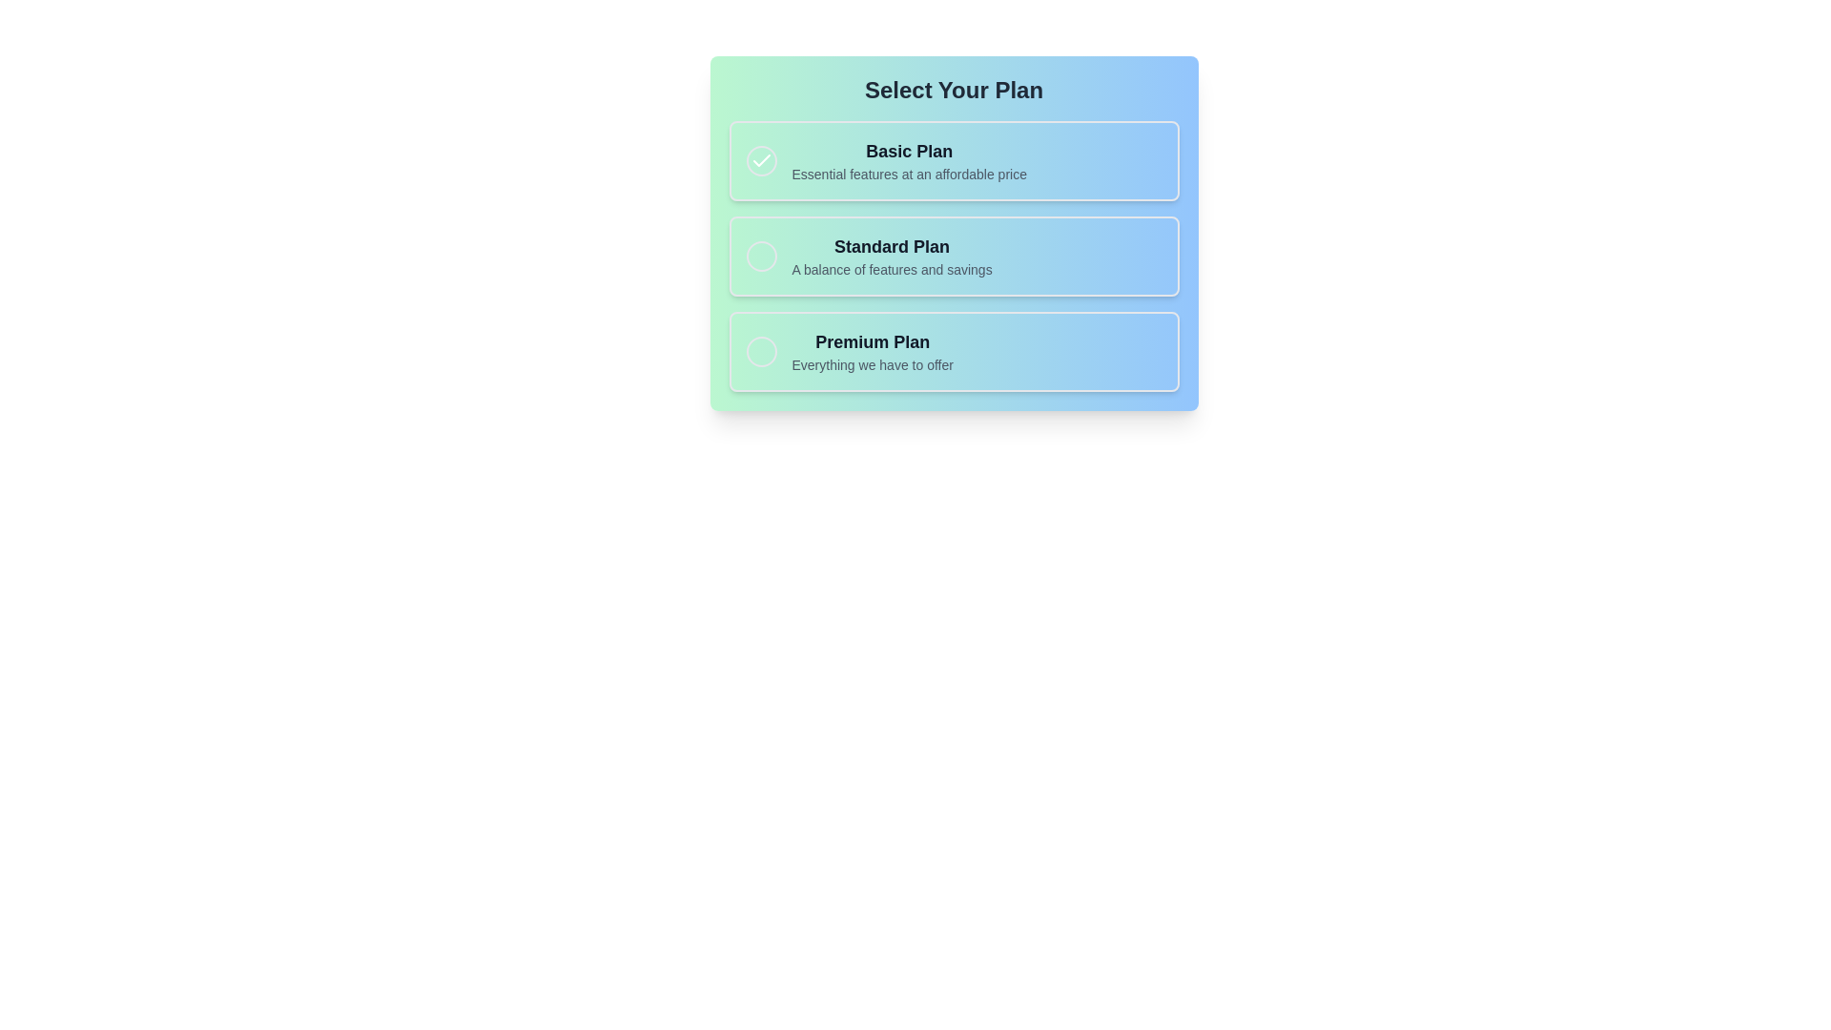  I want to click on the text label that provides additional information for the 'Standard Plan' option, positioned below the 'Standard Plan' heading in the second card of the plan options list, so click(891, 269).